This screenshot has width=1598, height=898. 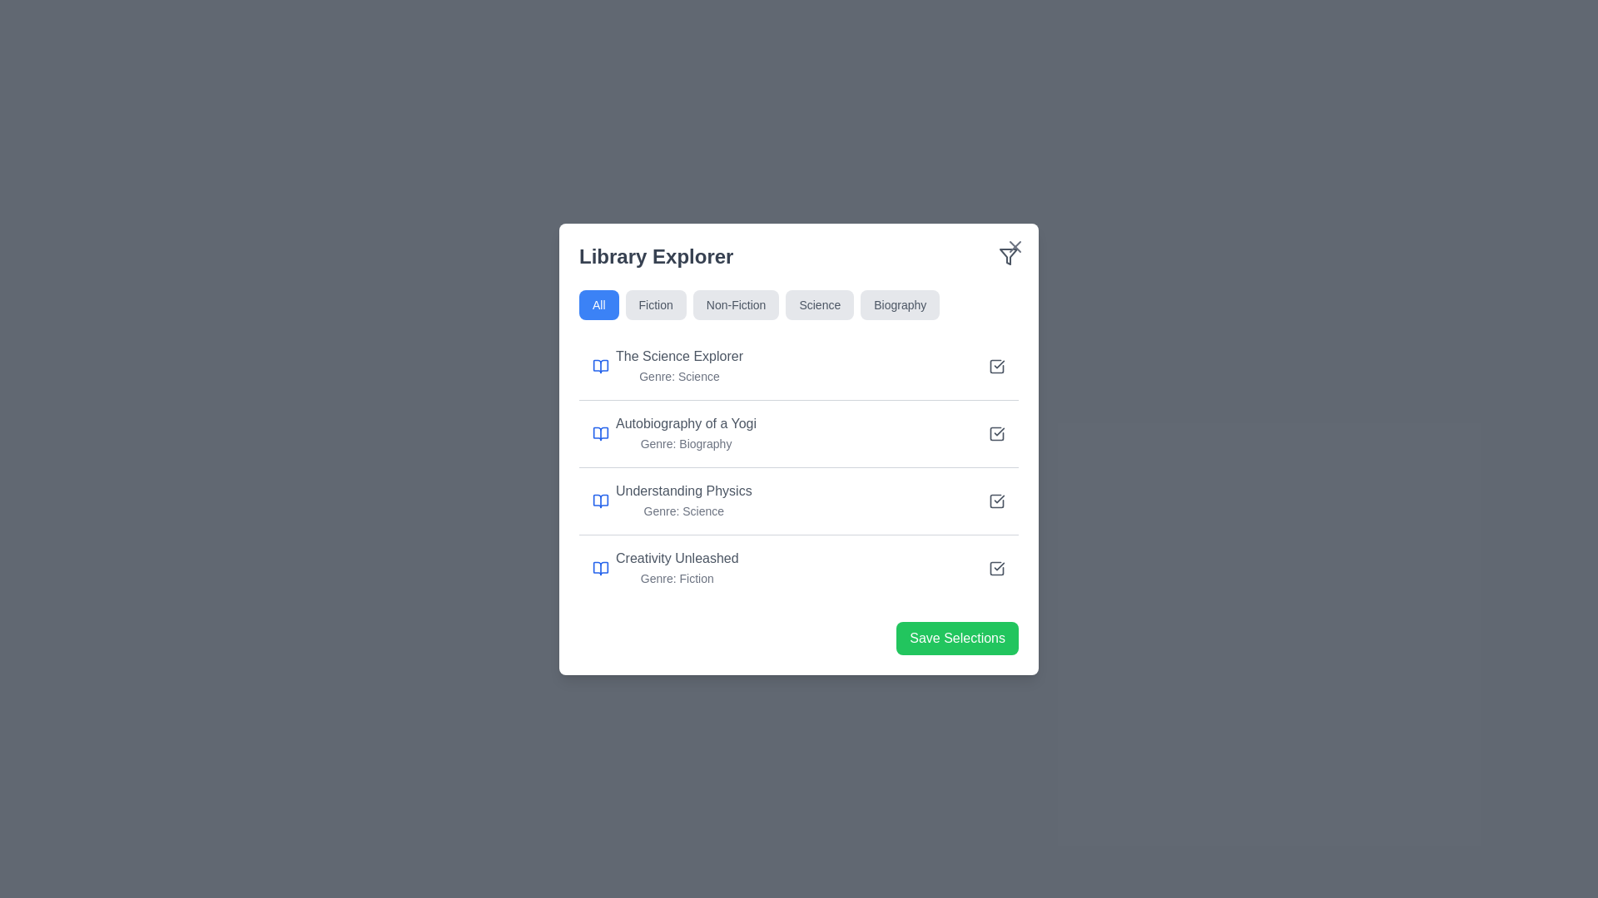 I want to click on the book icon with a clean outline and blue color, located on the far-left side of the first book entry titled 'The Science Explorer' in the 'Library Explorer' dialog, so click(x=599, y=365).